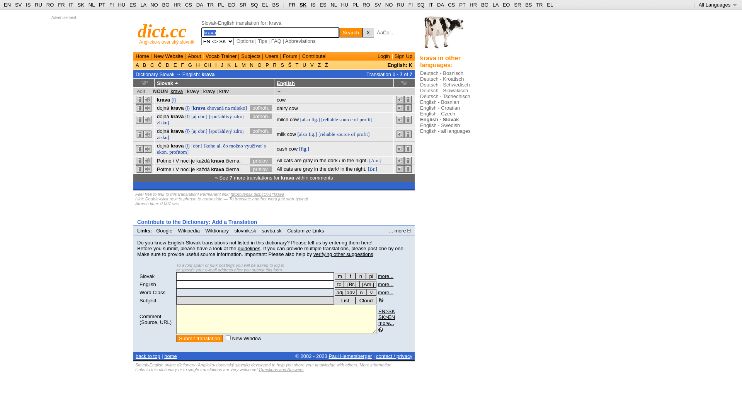  I want to click on 'T', so click(296, 64).